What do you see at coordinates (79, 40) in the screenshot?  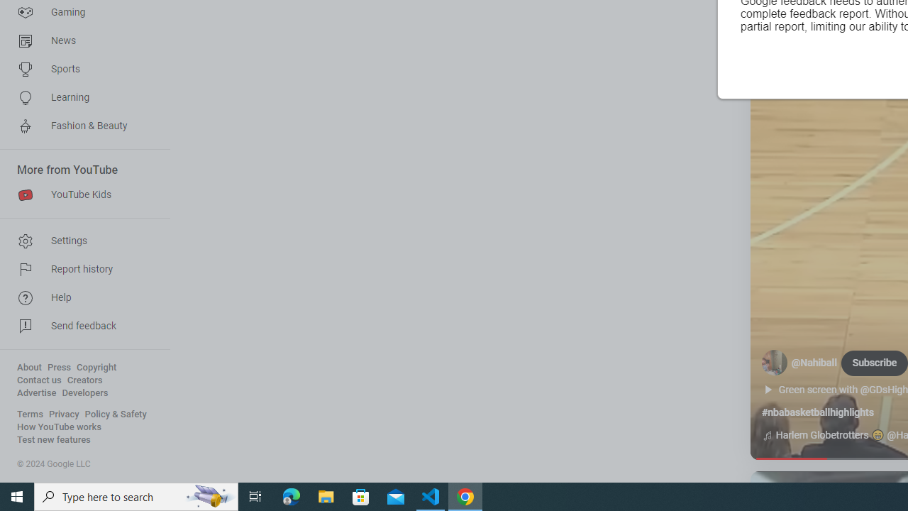 I see `'News'` at bounding box center [79, 40].